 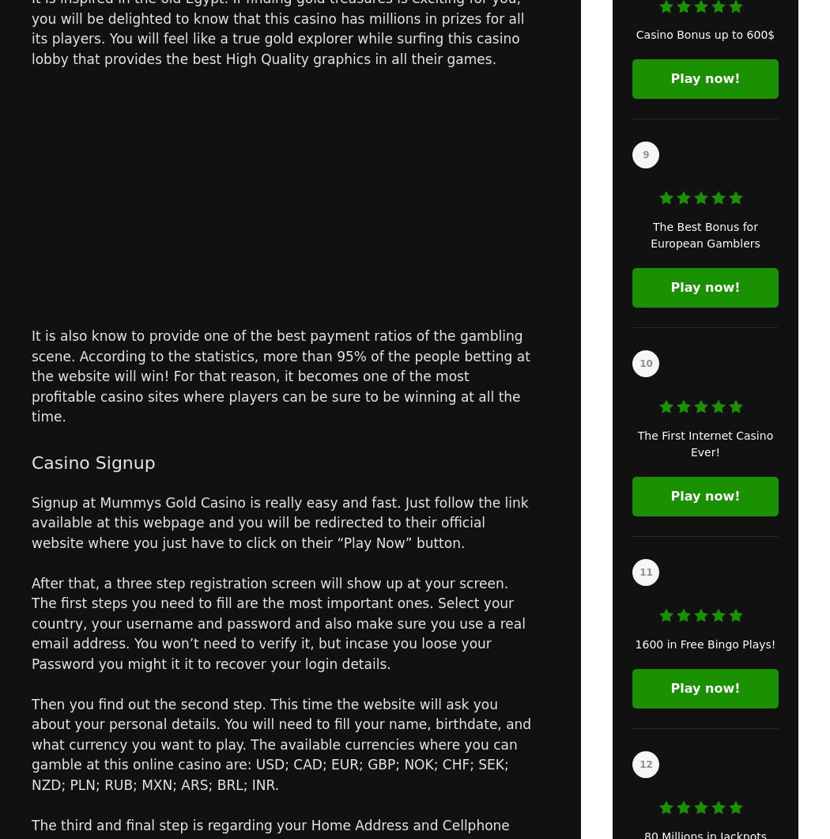 I want to click on 'The First Internet Casino Ever!', so click(x=704, y=442).